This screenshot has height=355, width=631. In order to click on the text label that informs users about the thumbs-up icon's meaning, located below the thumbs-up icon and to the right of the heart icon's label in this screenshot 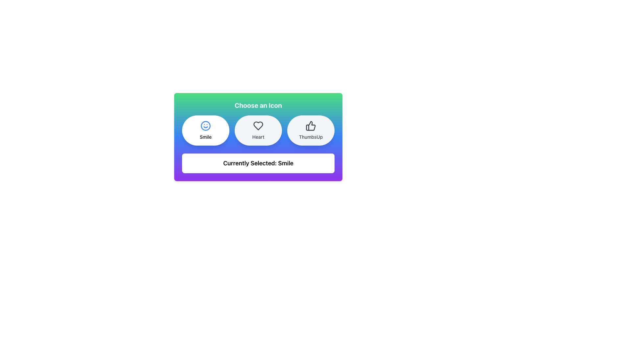, I will do `click(310, 136)`.